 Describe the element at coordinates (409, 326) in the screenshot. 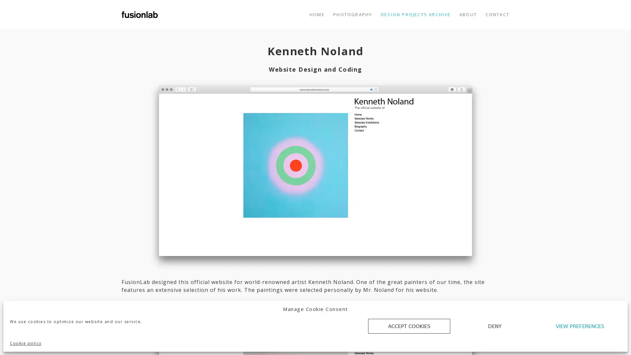

I see `ACCEPT COOKIES` at that location.